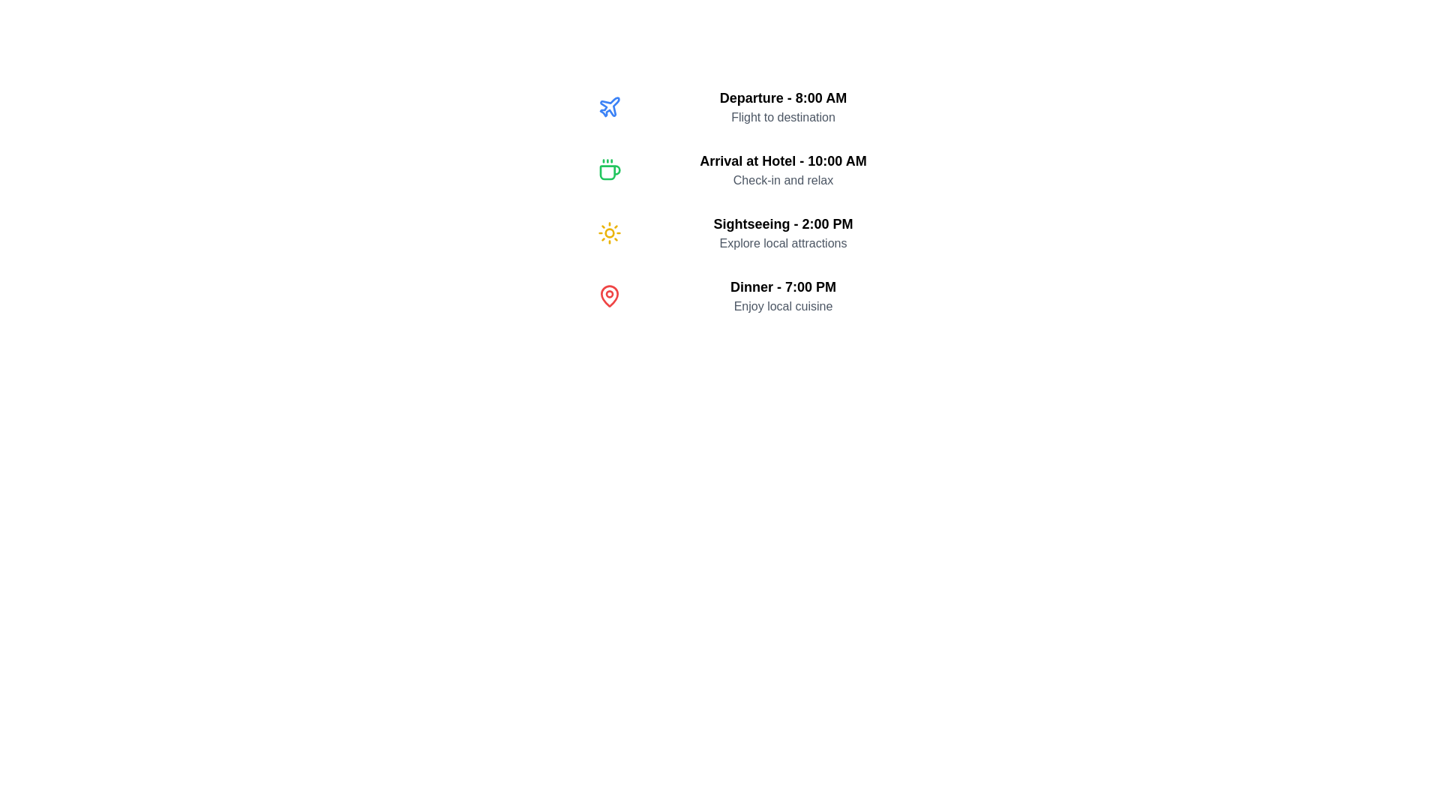 This screenshot has width=1440, height=810. I want to click on the text in the third item of the vertical list of activities, which displays scheduled activity information with a bold title and smaller description, so click(782, 233).